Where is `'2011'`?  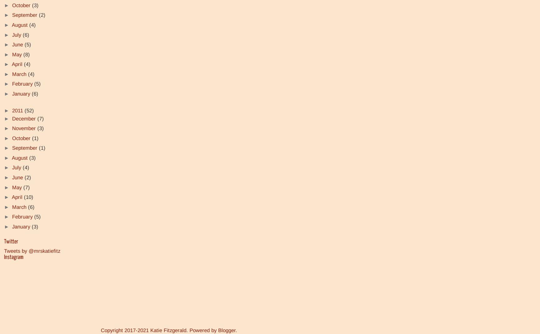
'2011' is located at coordinates (18, 110).